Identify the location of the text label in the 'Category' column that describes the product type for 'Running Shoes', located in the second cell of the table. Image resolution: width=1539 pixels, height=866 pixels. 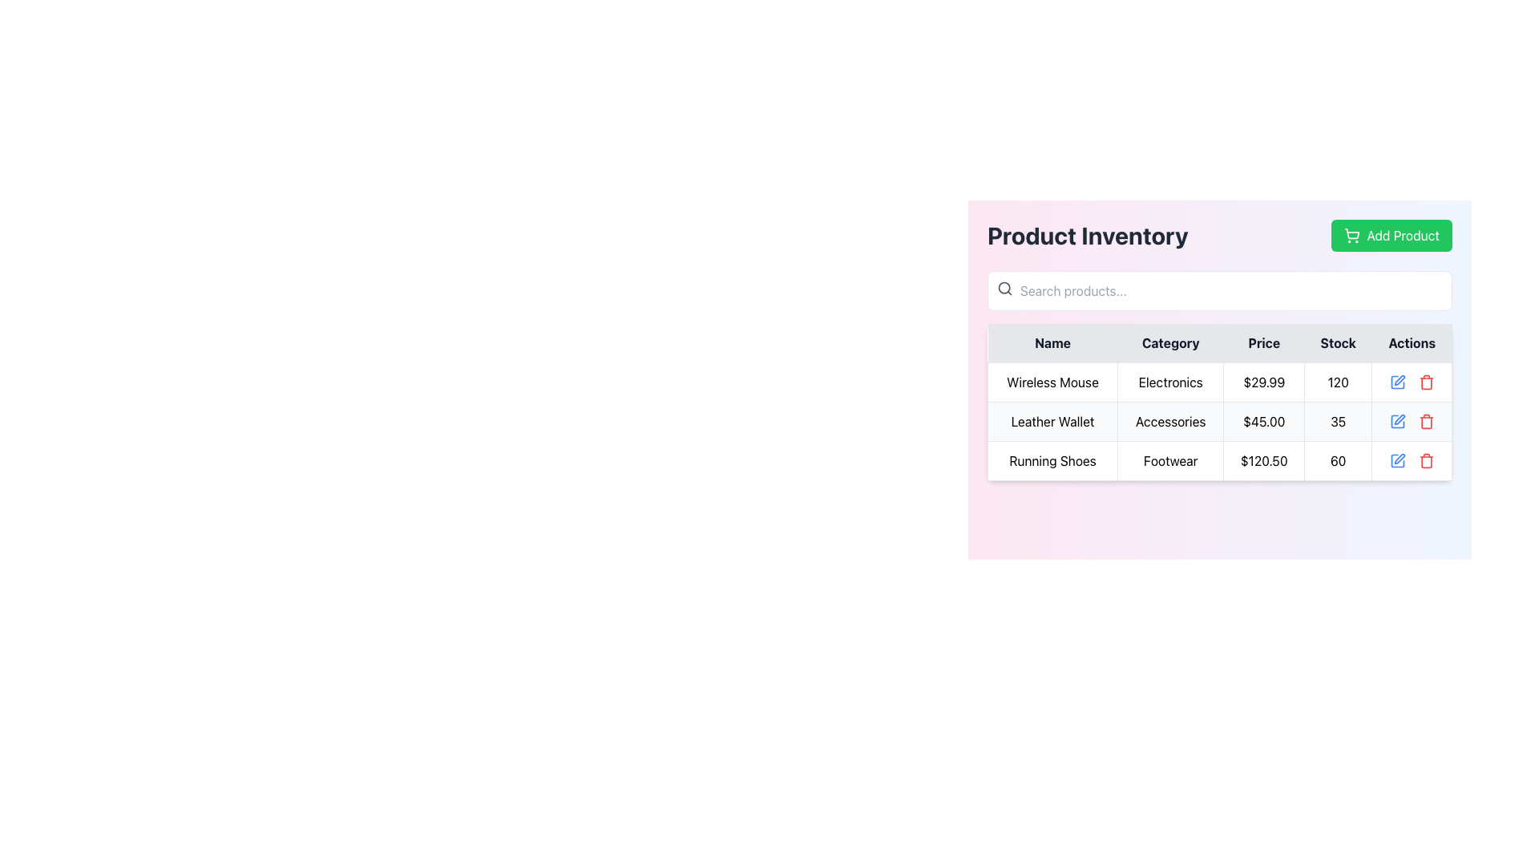
(1170, 460).